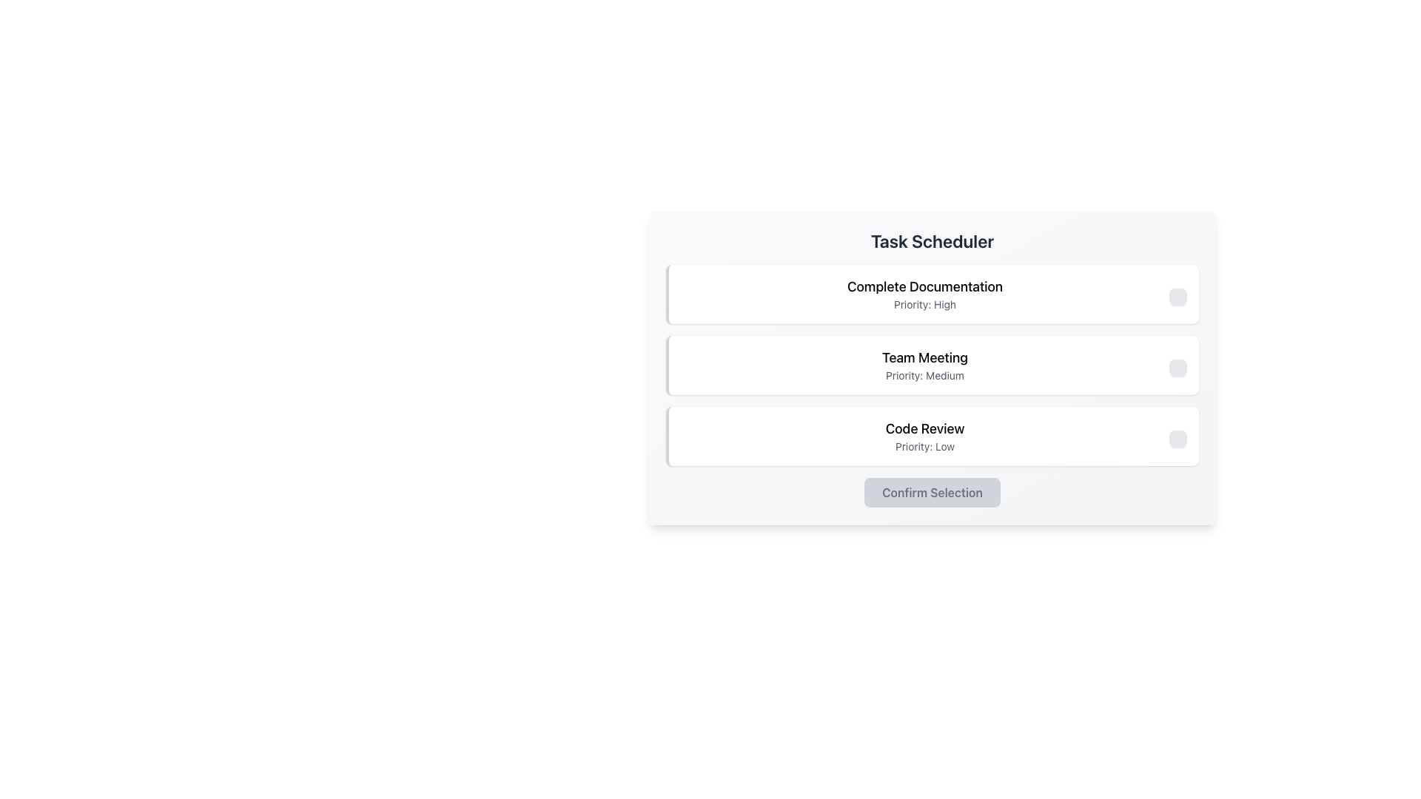  Describe the element at coordinates (924, 357) in the screenshot. I see `the bold text element reading 'Team Meeting', which is prominently displayed as the title in the middle section of the list in the Task Scheduler` at that location.